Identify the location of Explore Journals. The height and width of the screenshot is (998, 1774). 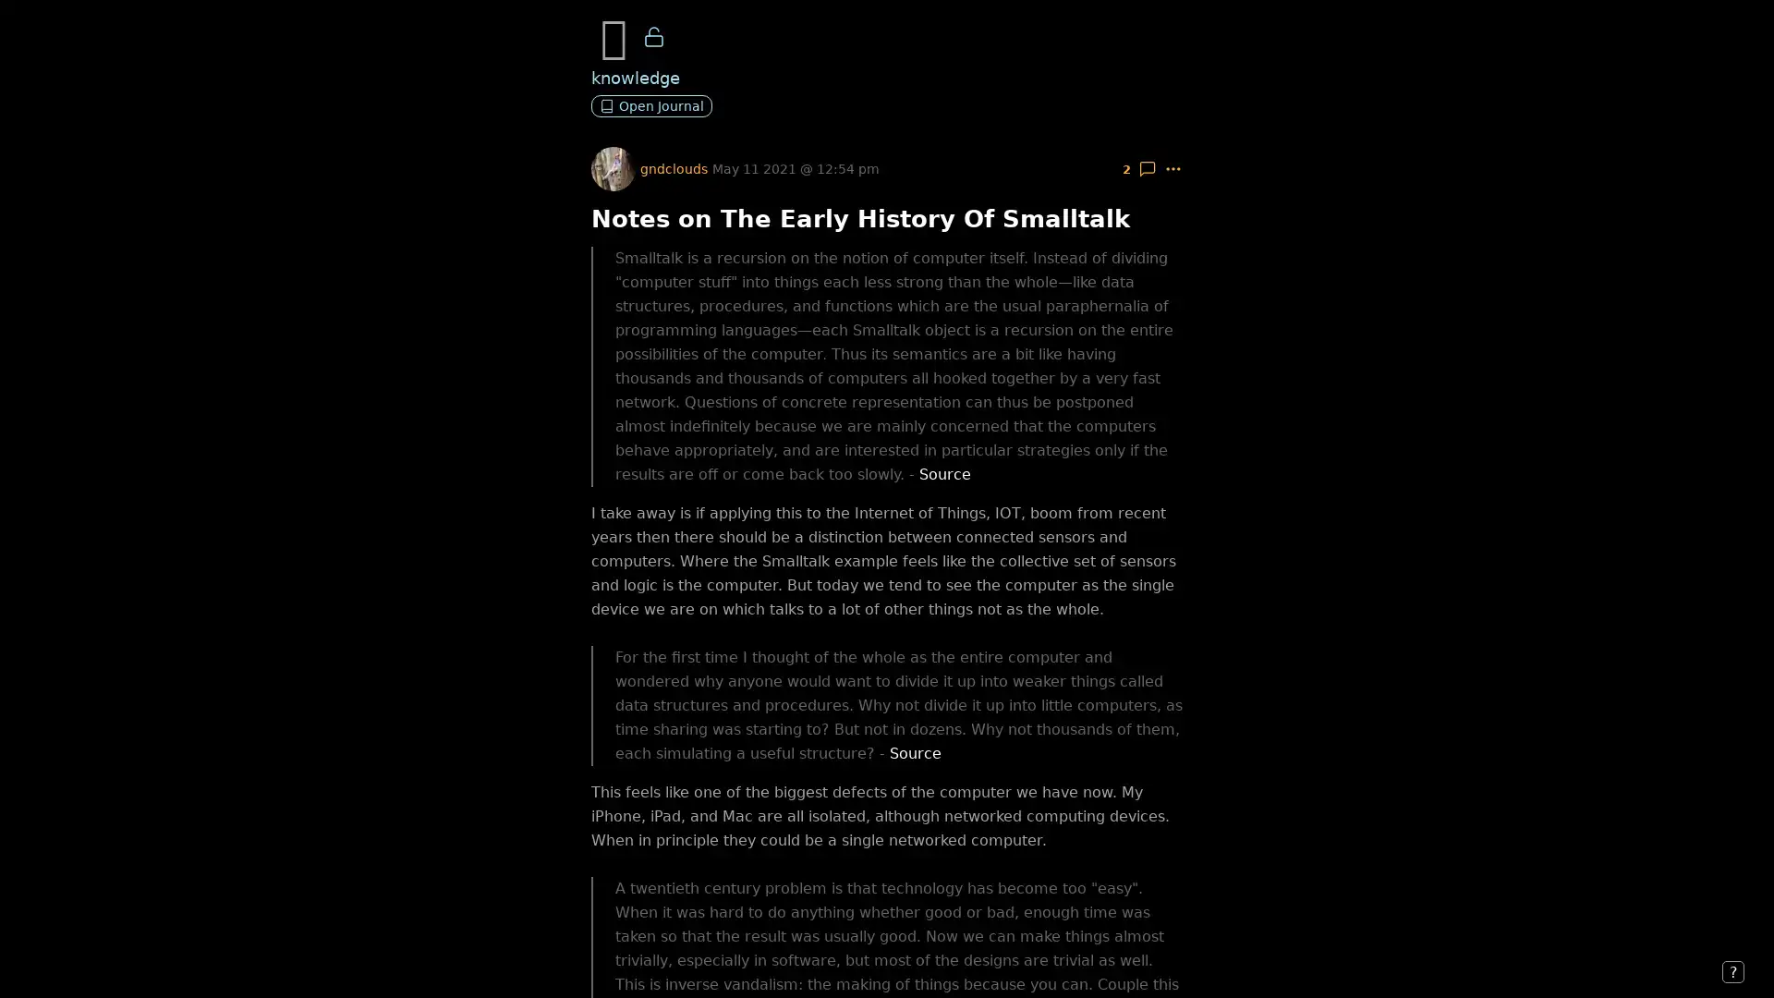
(85, 961).